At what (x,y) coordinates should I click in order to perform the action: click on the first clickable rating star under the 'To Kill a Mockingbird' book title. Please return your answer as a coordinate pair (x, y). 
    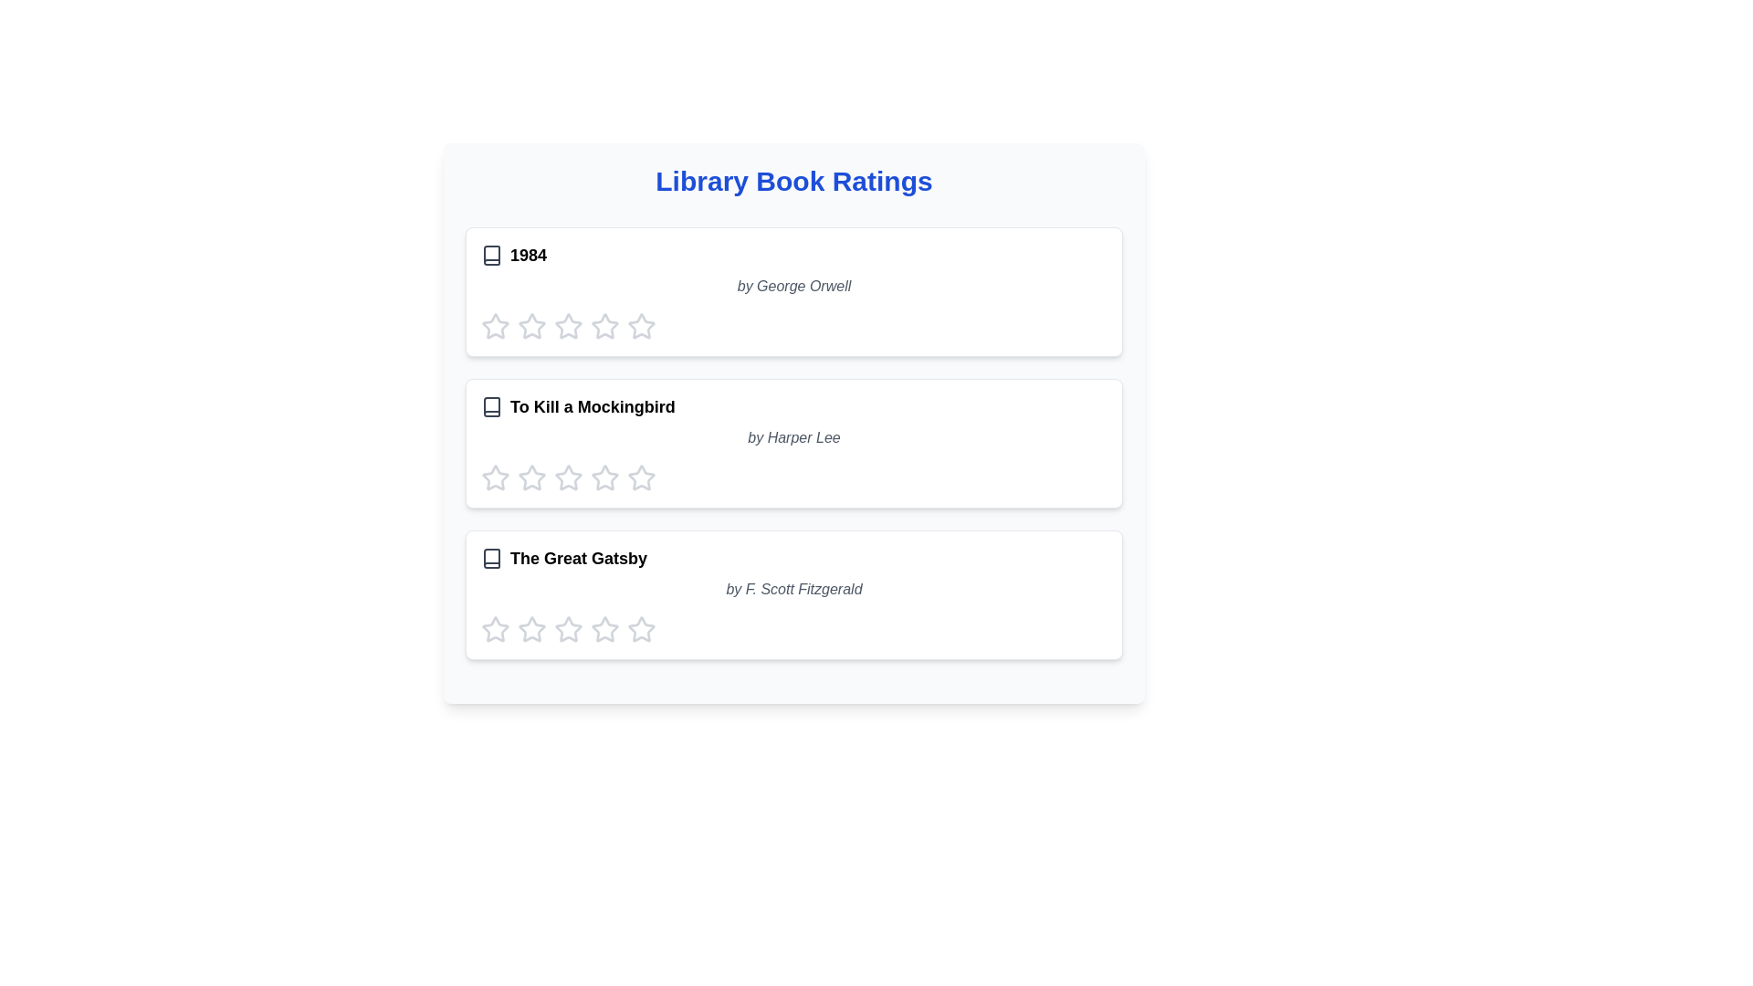
    Looking at the image, I should click on (495, 477).